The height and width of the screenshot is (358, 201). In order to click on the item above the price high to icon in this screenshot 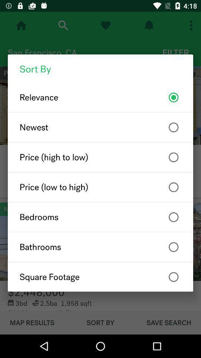, I will do `click(100, 127)`.